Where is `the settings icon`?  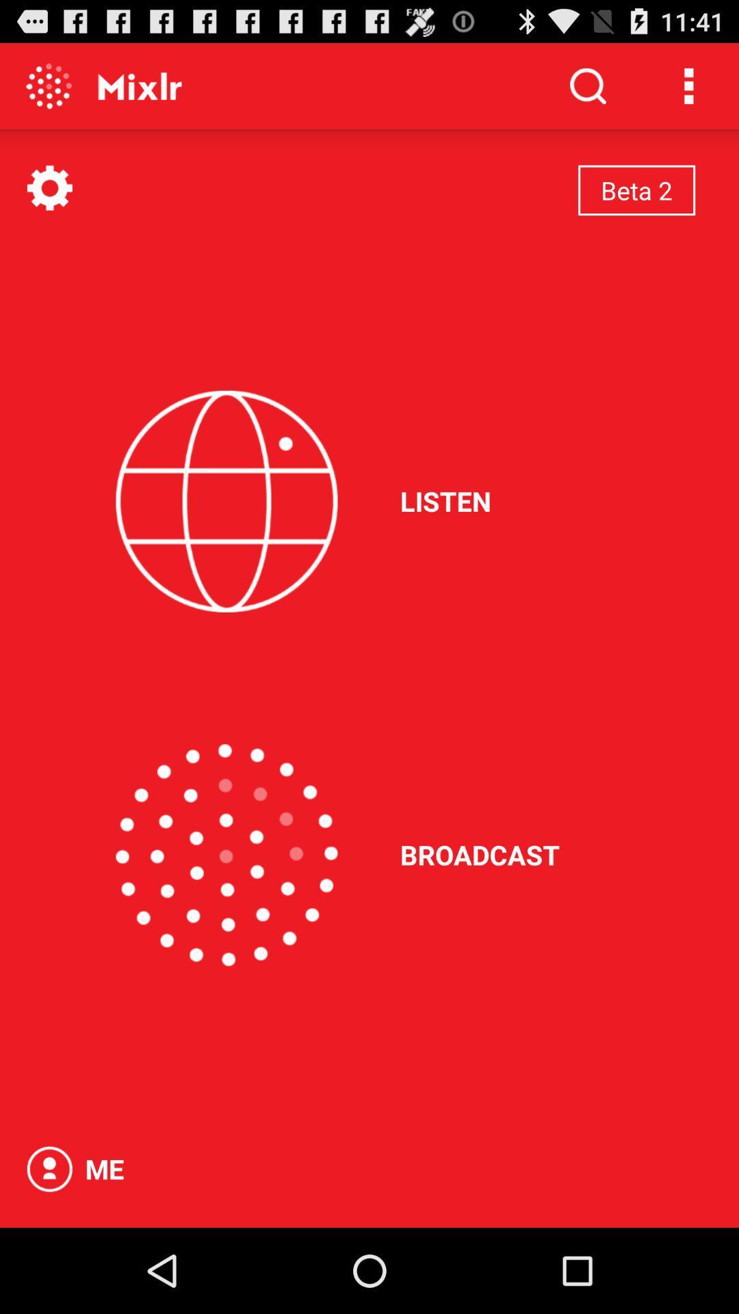
the settings icon is located at coordinates (49, 200).